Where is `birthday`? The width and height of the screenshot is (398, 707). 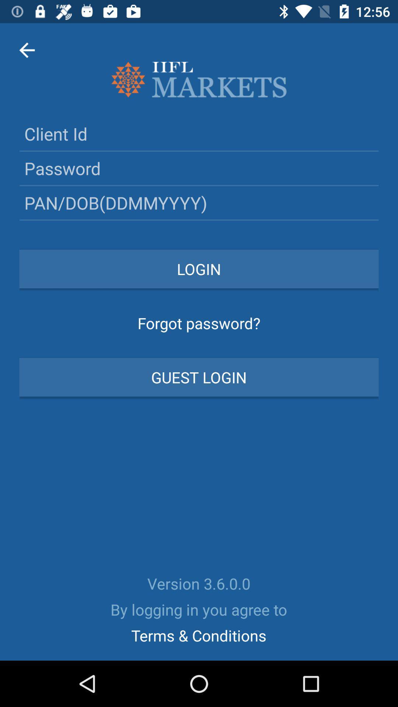
birthday is located at coordinates (199, 203).